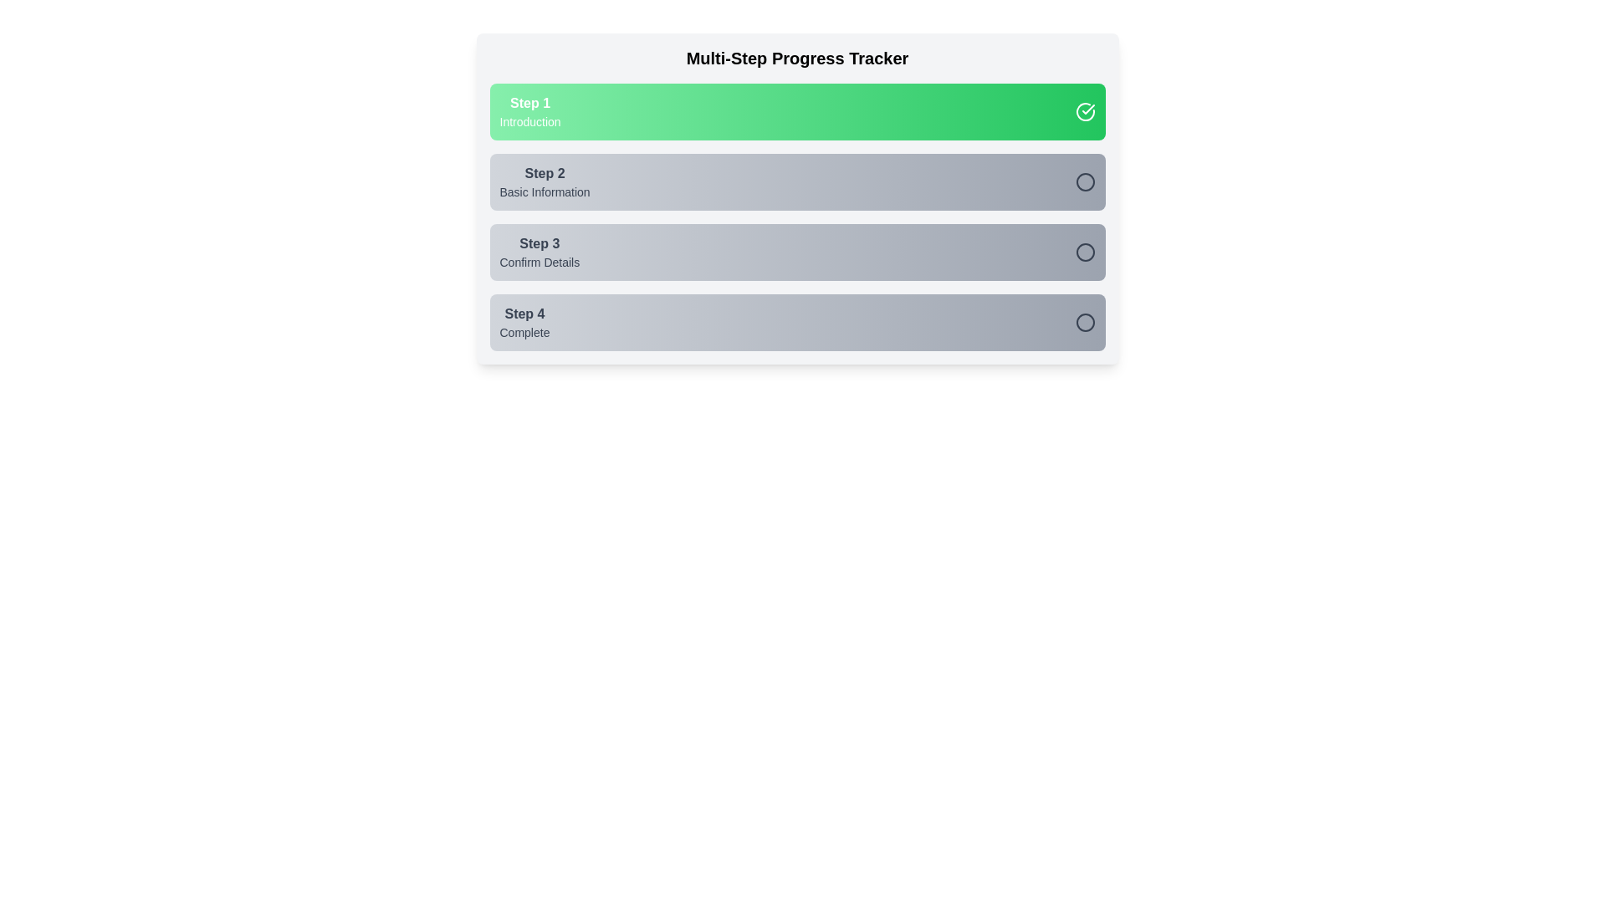  I want to click on the second step of the multi-step progress tracker, which is located between the first and third steps and is currently inactive, indicated by its gray panel and darker text, so click(796, 198).